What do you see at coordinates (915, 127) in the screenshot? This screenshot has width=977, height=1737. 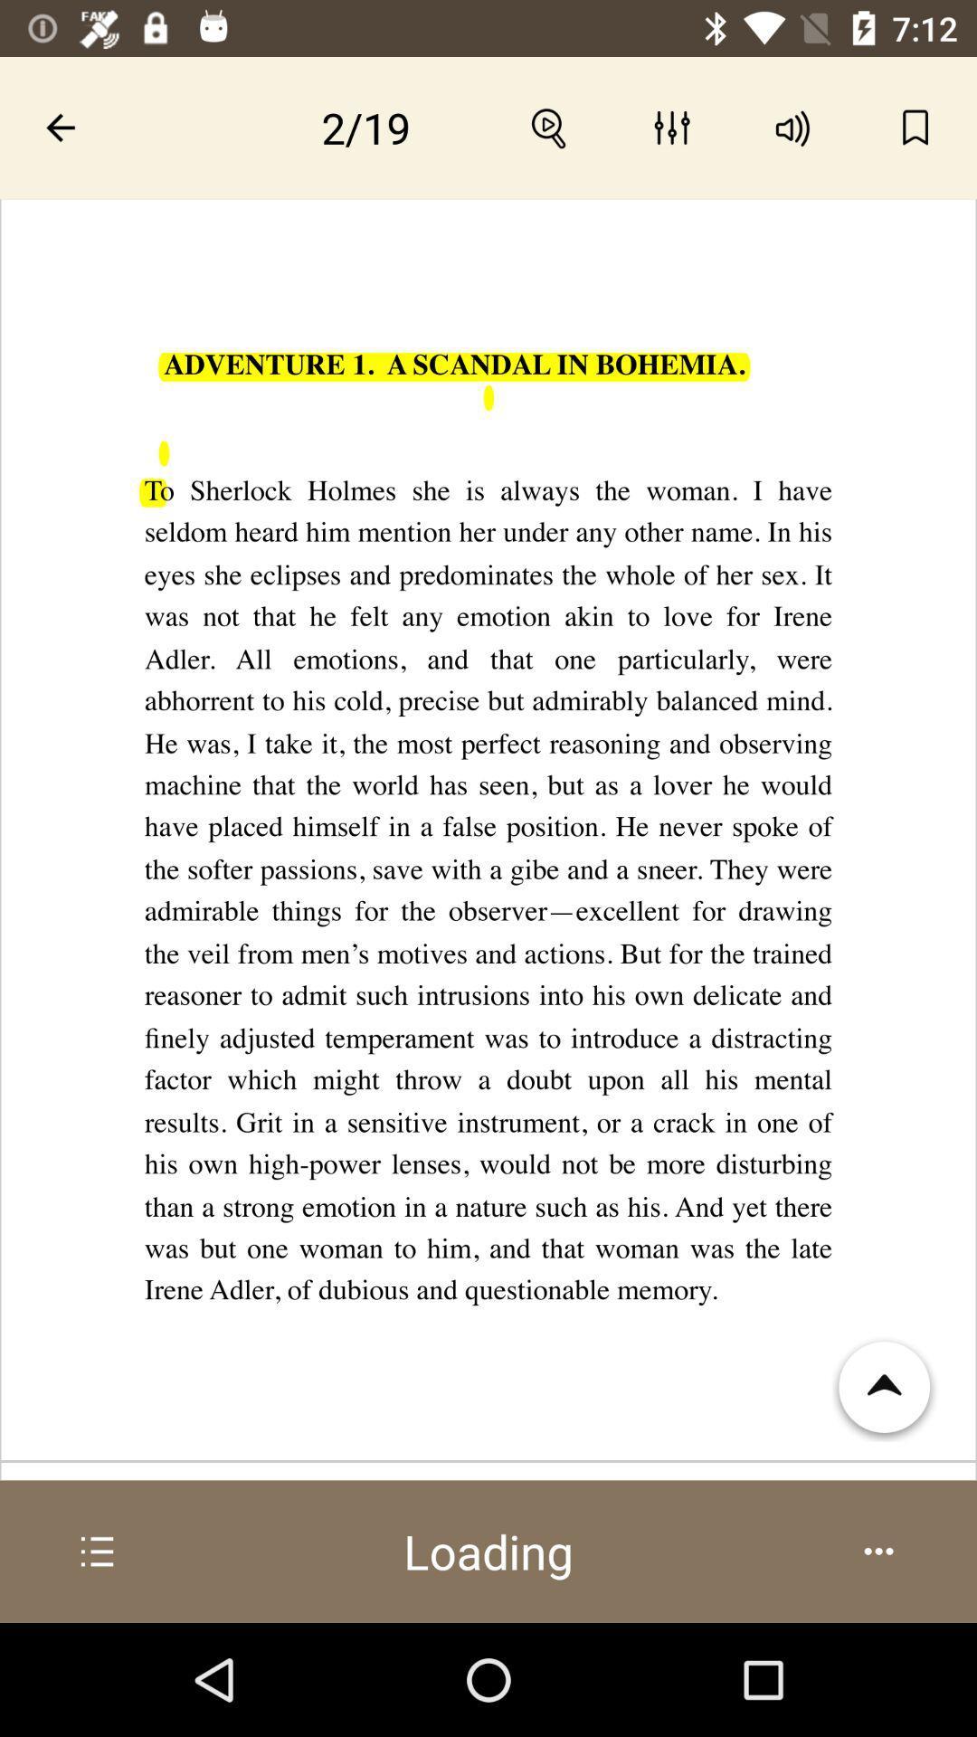 I see `bookmark` at bounding box center [915, 127].